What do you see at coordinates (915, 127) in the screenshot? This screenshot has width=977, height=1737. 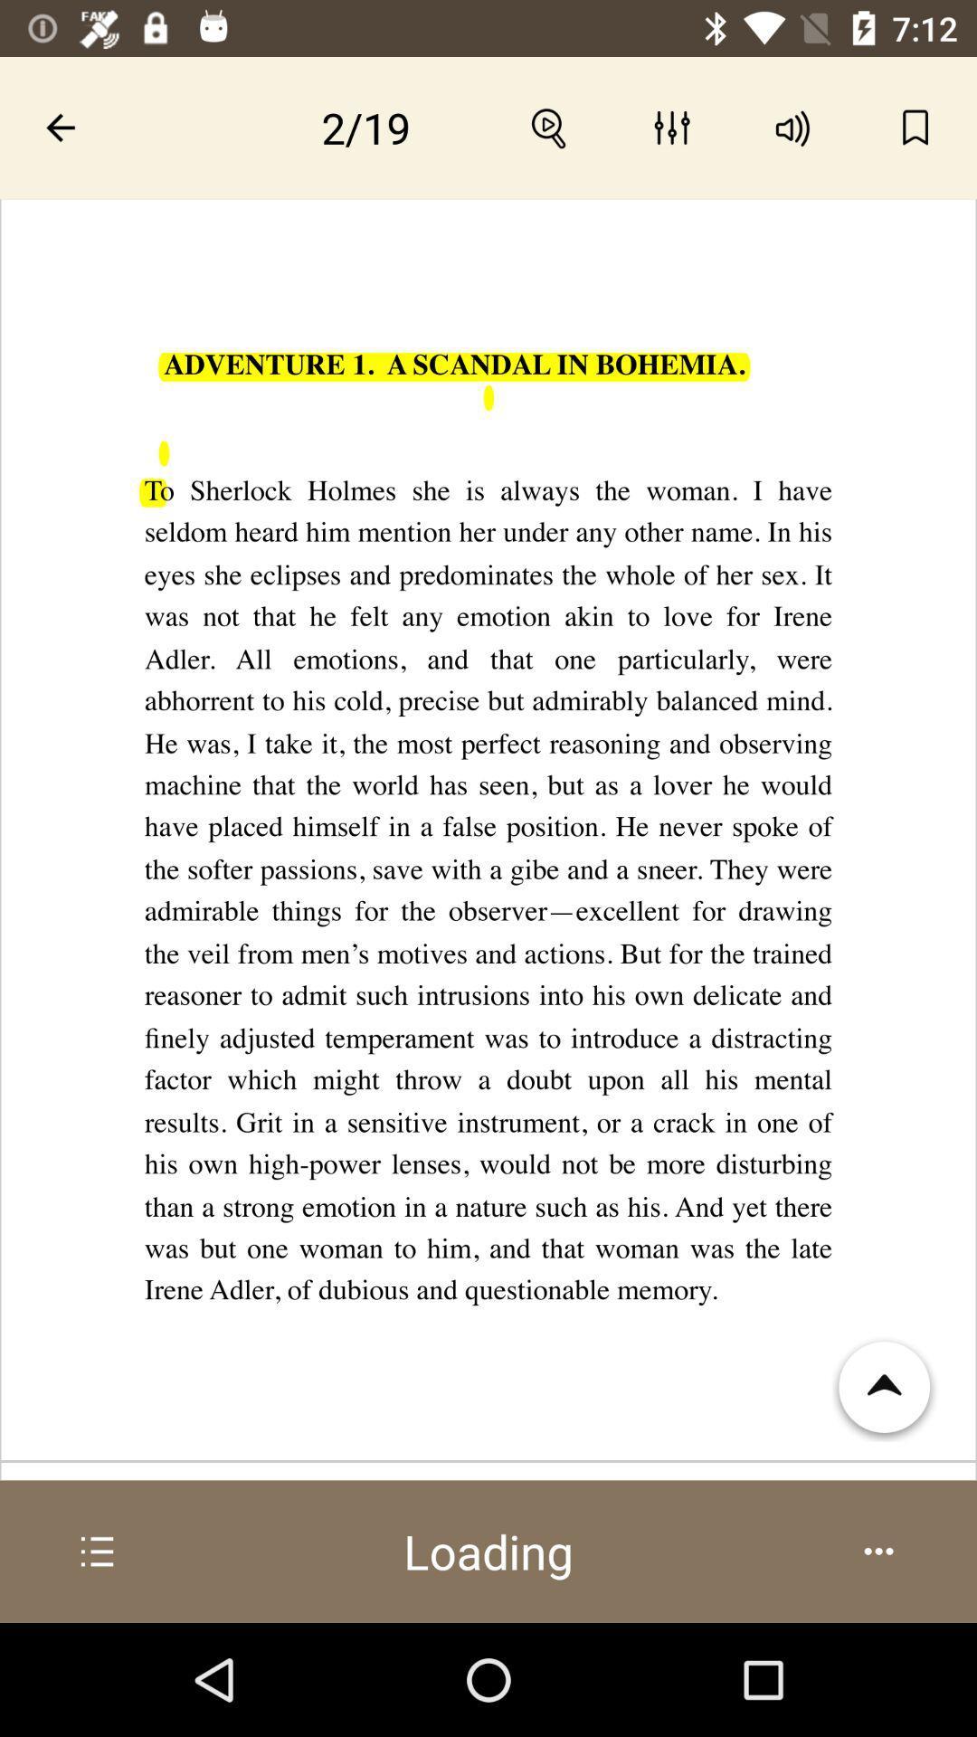 I see `bookmark` at bounding box center [915, 127].